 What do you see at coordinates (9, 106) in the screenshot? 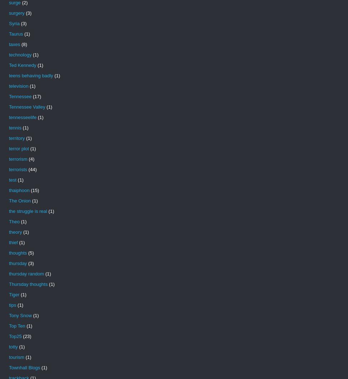
I see `'Tennessee Valley'` at bounding box center [9, 106].